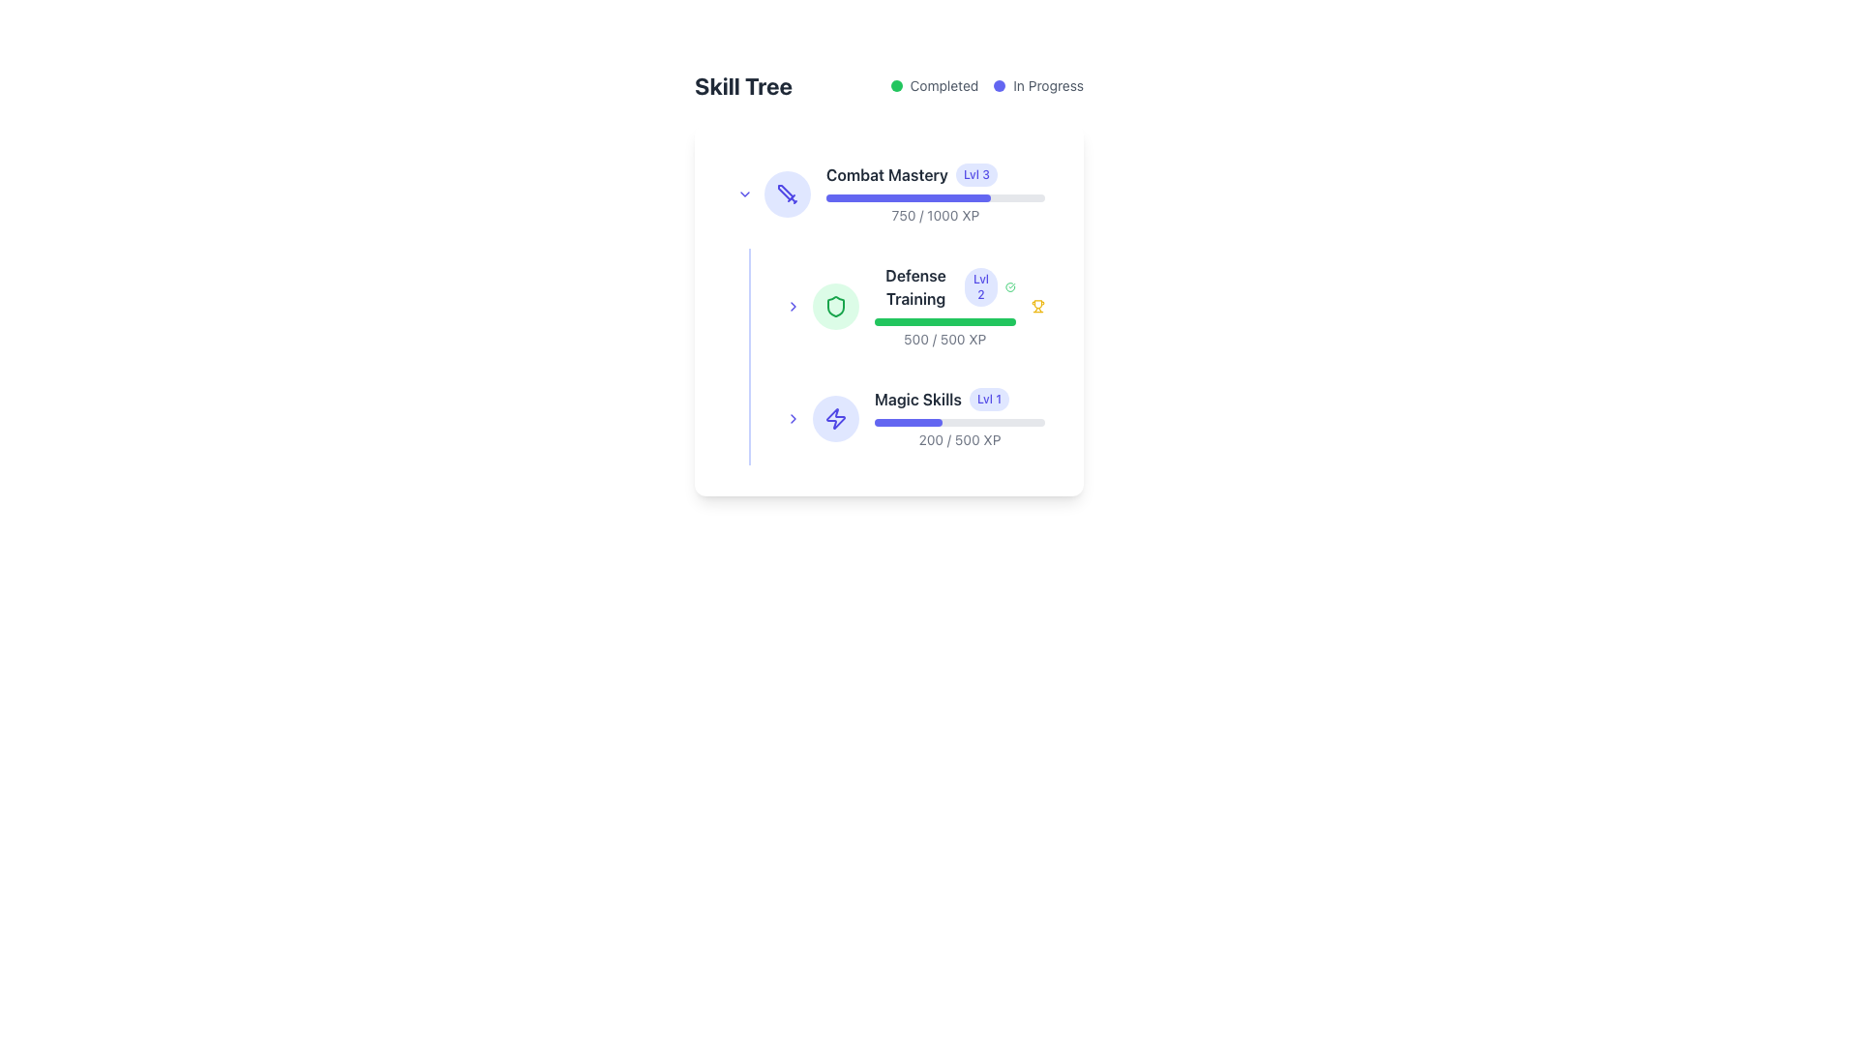  Describe the element at coordinates (987, 84) in the screenshot. I see `the status indicator component located in the top-right section of the 'Skill Tree' header, which indicates 'Completed' and 'In Progress' with color-coded markers` at that location.